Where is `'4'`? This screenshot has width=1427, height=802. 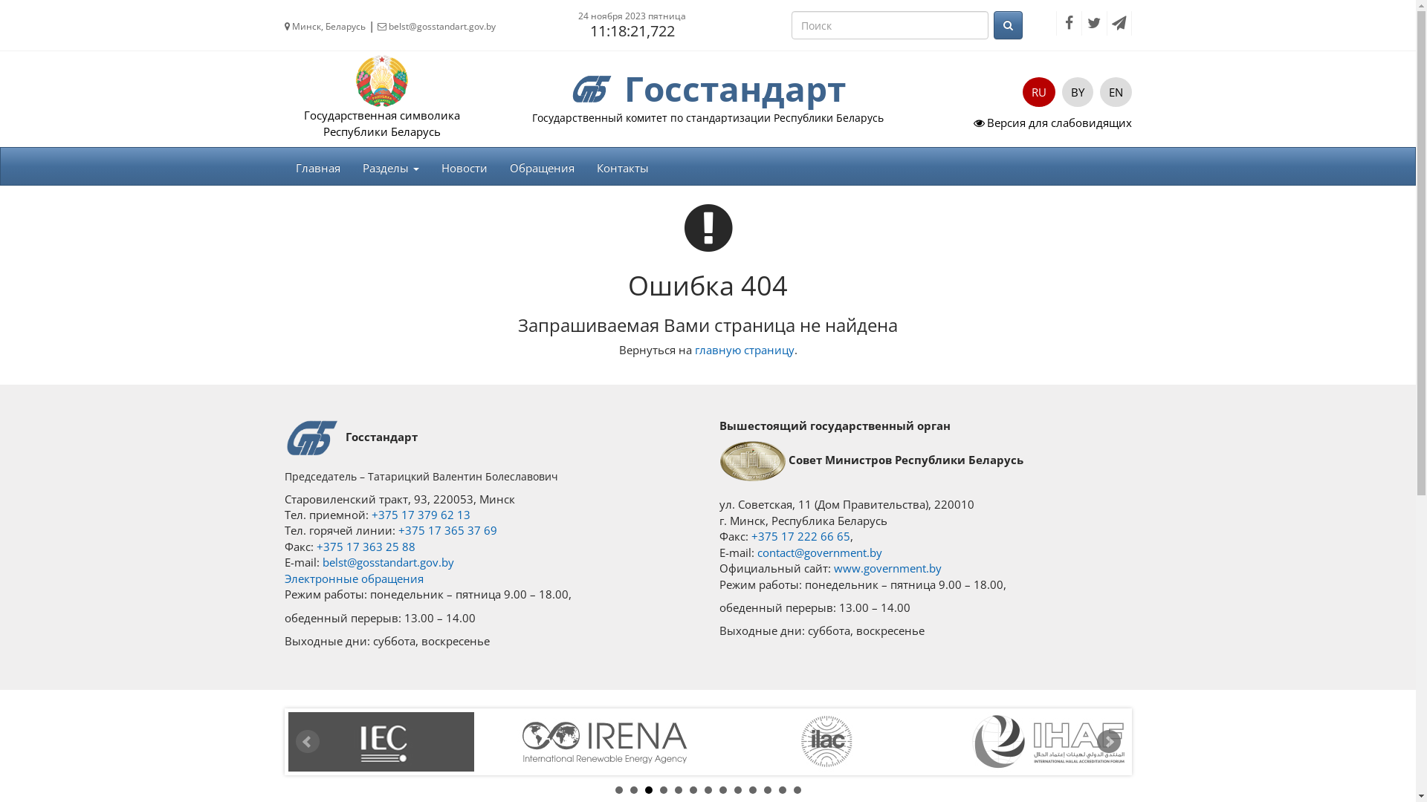
'4' is located at coordinates (659, 789).